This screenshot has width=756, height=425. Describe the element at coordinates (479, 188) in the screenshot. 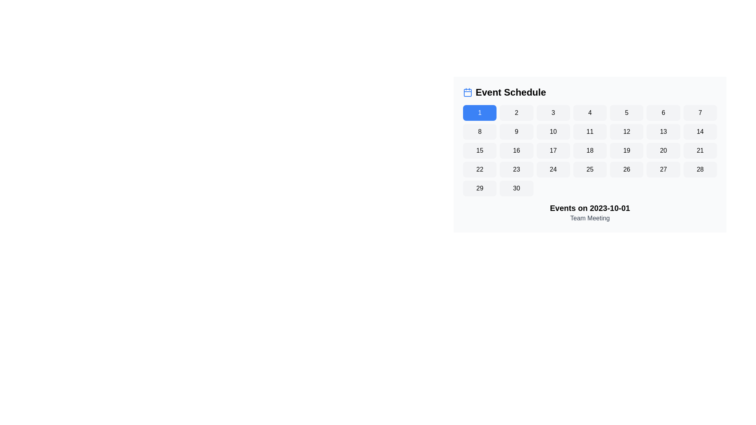

I see `the button representing the date 29 in the calendar-style interface, located in the last row of the grid layout` at that location.